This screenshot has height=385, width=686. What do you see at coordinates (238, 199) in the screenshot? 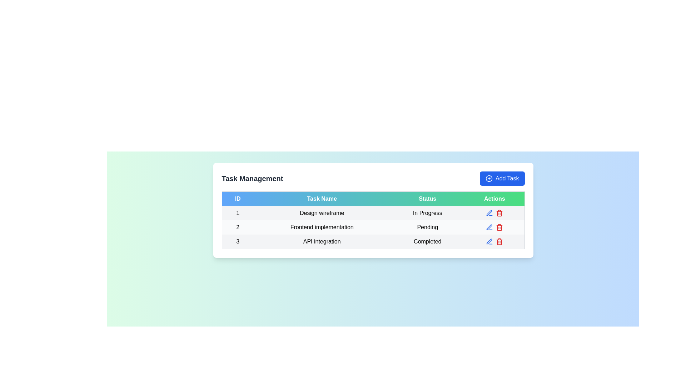
I see `the table header cell displaying the text 'ID', which is styled with padding and a light blue background, located at the top left of the data table` at bounding box center [238, 199].